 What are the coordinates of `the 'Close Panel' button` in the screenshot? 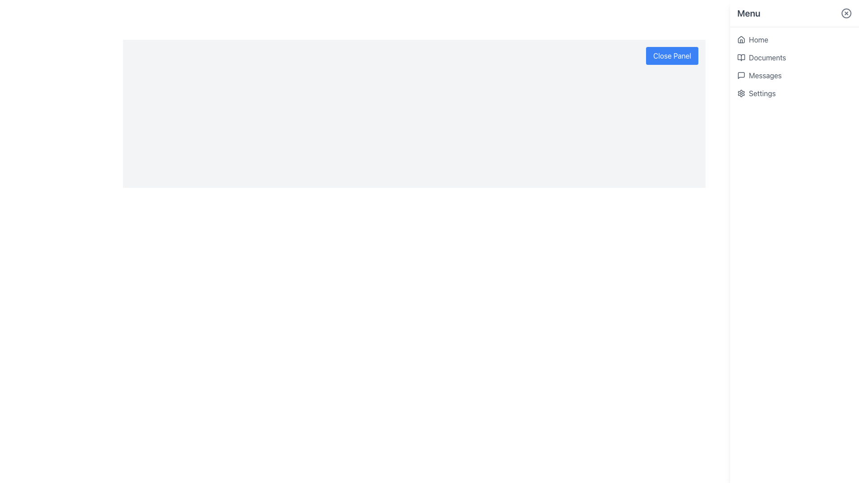 It's located at (672, 55).